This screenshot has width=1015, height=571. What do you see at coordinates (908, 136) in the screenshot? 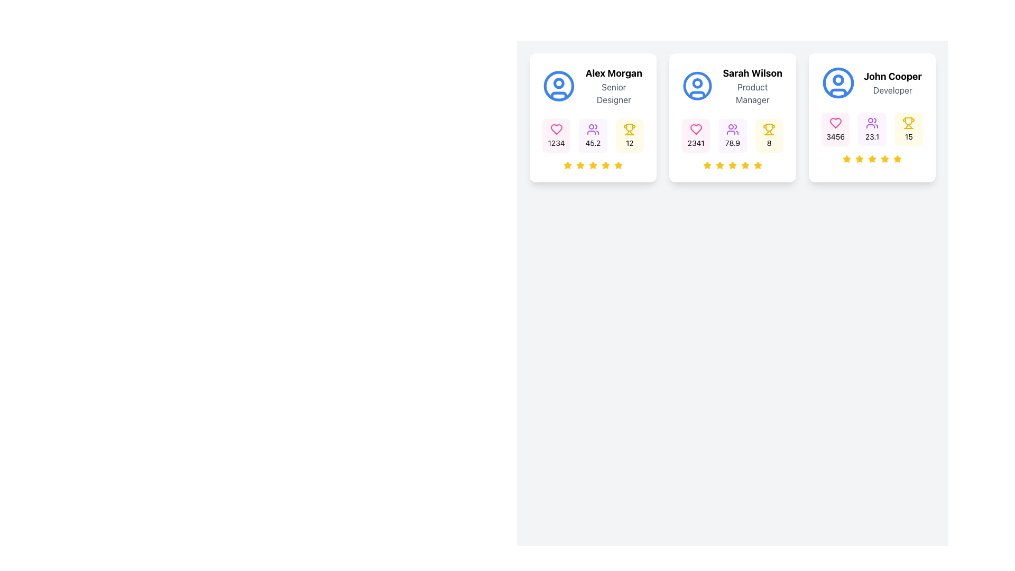
I see `the Text Label that conveys the numerical value related to achievements or awards, positioned at the bottom center of the card below the trophy icon` at bounding box center [908, 136].